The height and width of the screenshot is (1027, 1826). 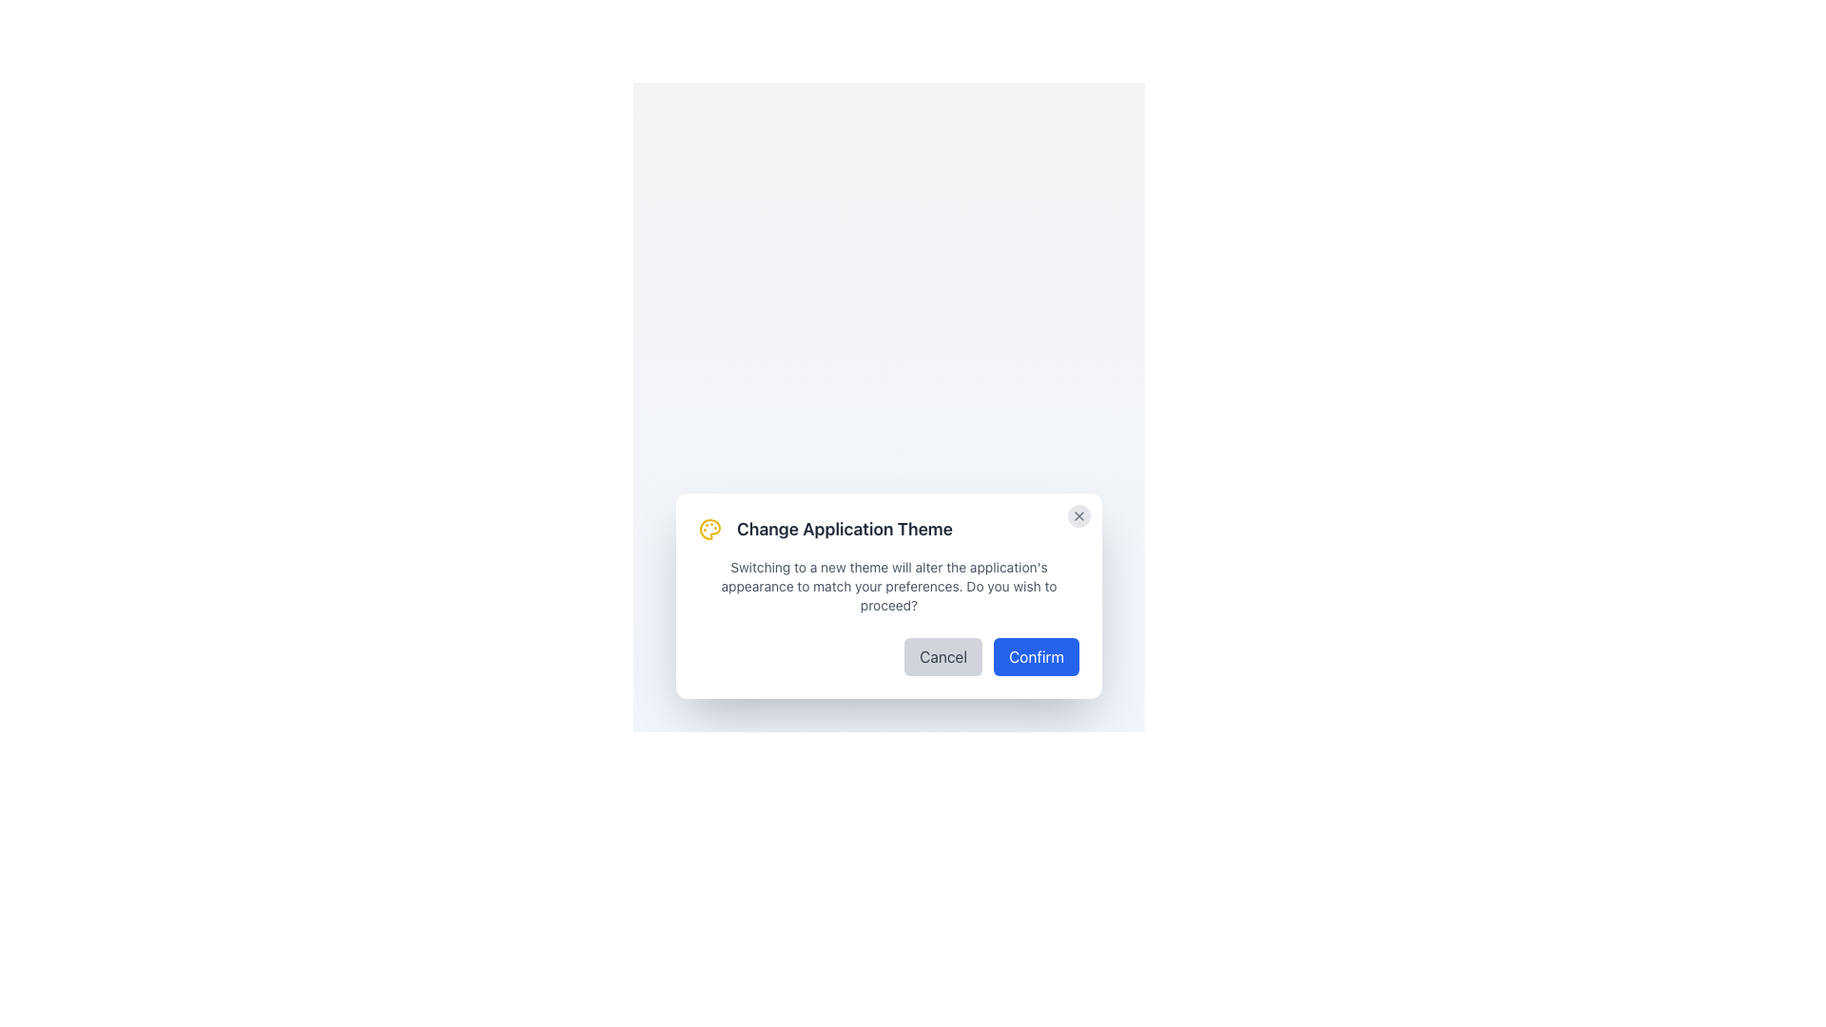 I want to click on the text block styled in gray, containing the message about switching themes, located below the title 'Change Application Theme' in the modal dialog, so click(x=888, y=586).